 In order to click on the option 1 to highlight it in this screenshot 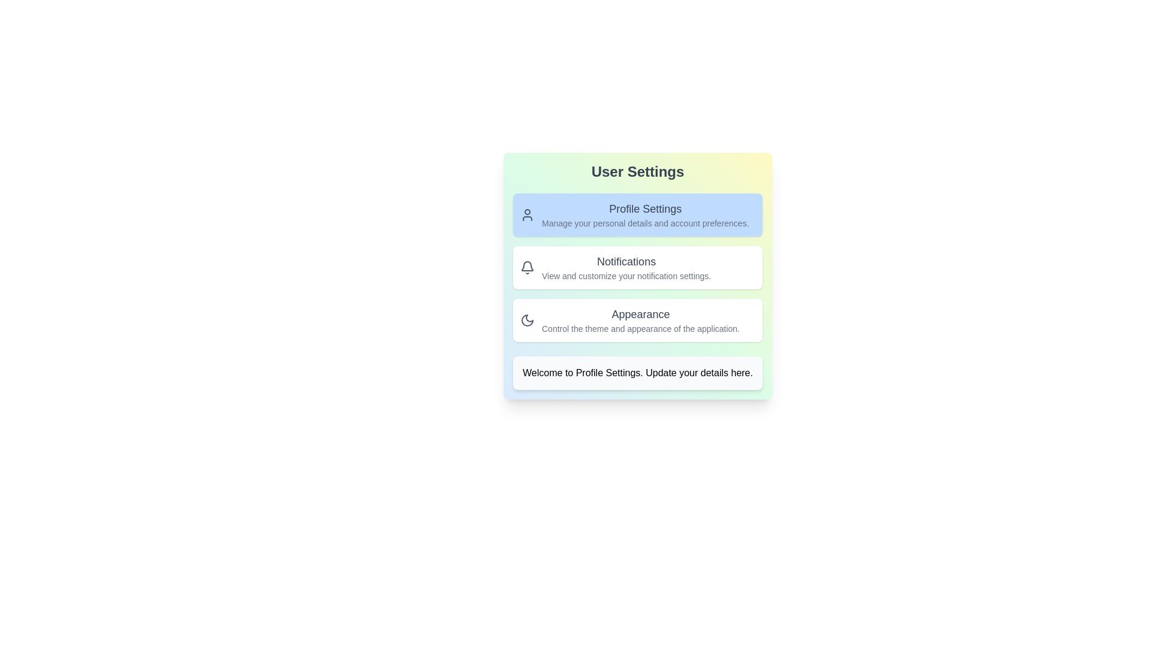, I will do `click(637, 214)`.